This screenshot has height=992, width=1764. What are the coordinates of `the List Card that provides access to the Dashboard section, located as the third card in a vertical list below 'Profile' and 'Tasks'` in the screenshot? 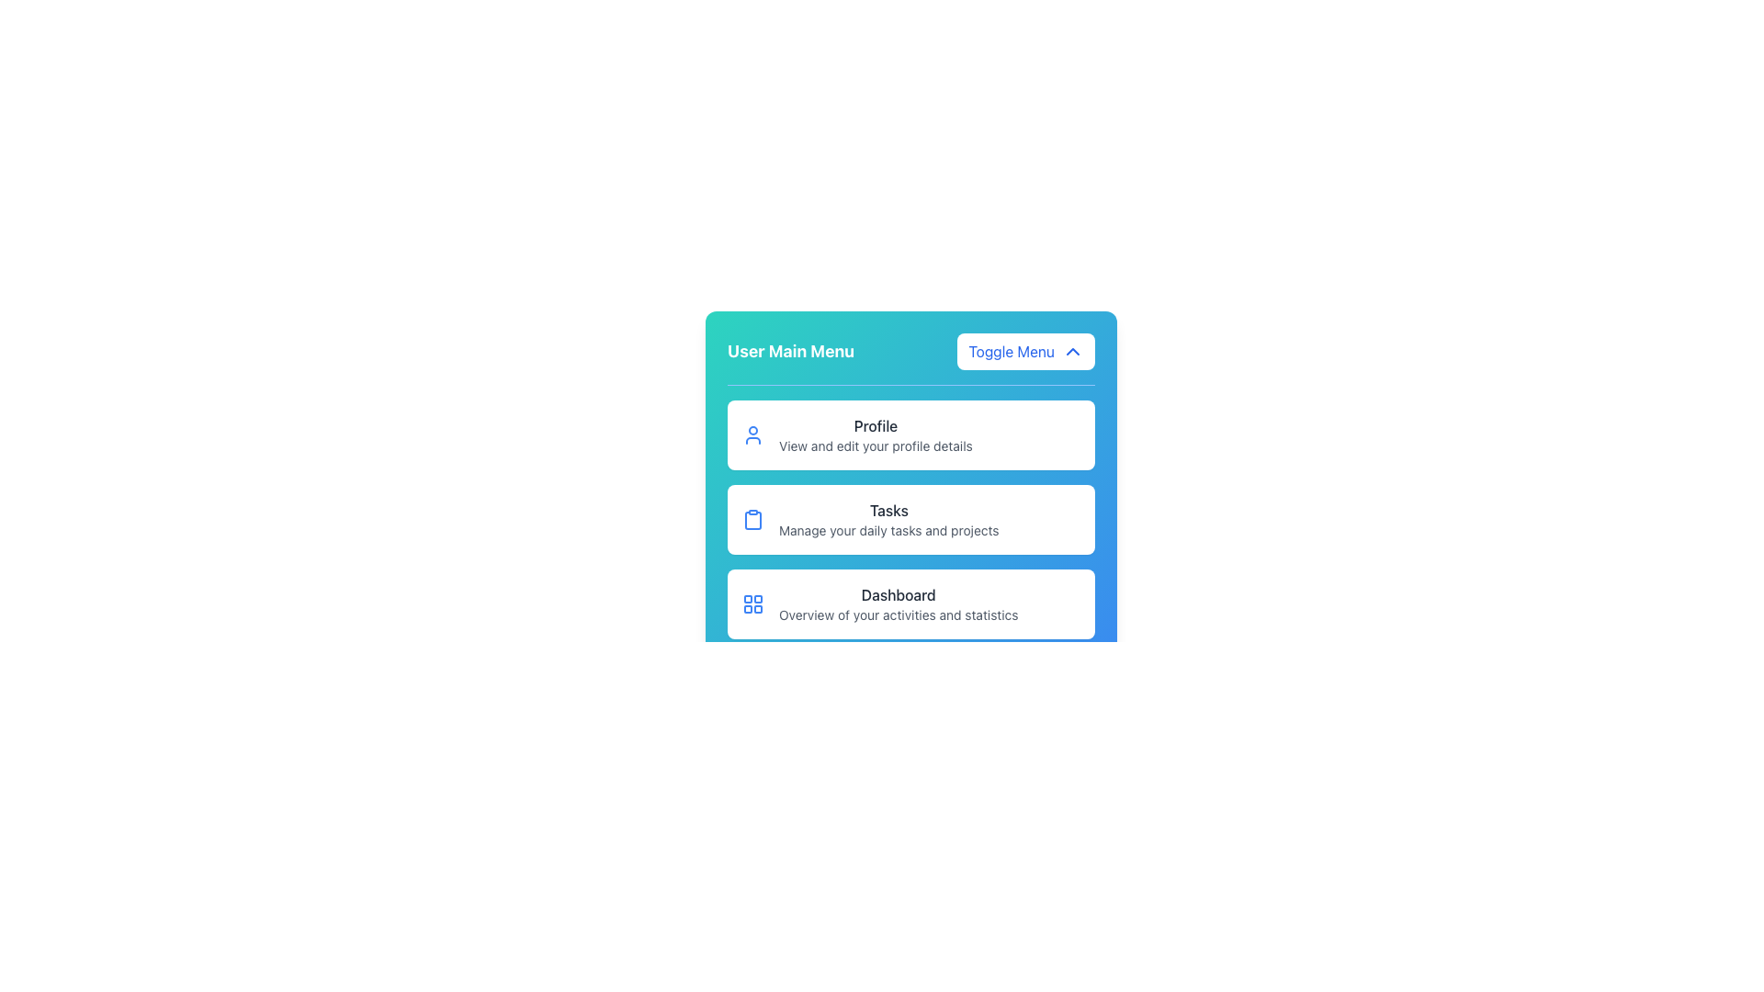 It's located at (911, 604).